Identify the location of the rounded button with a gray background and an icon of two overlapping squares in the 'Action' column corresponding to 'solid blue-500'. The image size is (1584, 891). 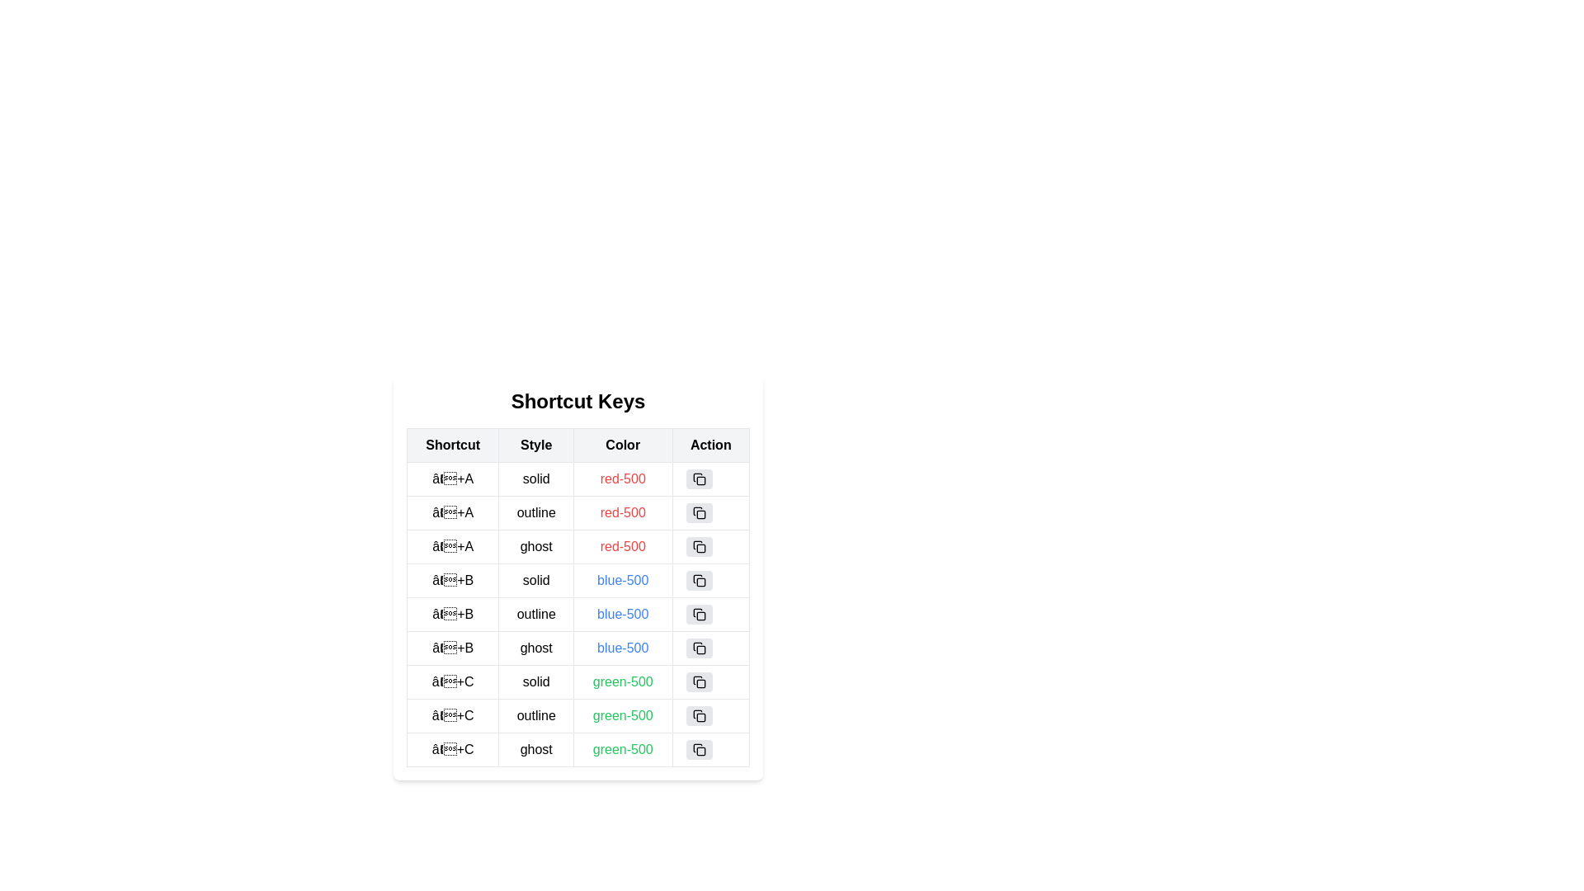
(699, 580).